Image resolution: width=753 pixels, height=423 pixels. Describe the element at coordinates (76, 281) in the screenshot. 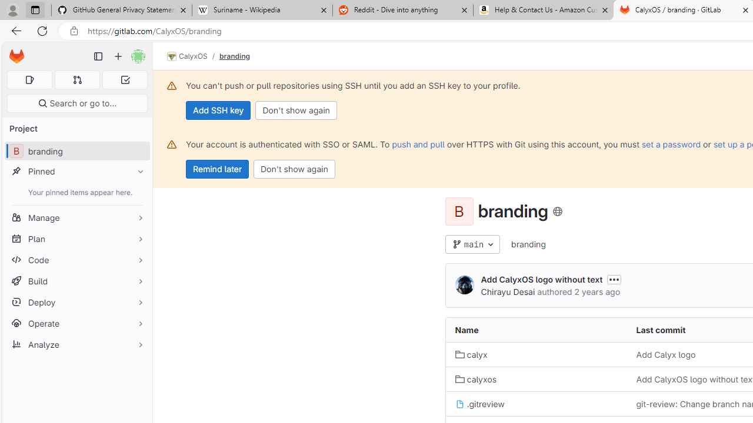

I see `'Build'` at that location.